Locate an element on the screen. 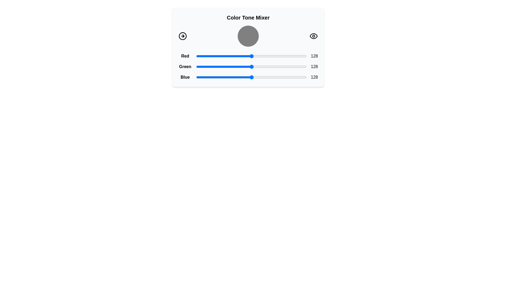 The height and width of the screenshot is (285, 507). the green color intensity is located at coordinates (305, 66).